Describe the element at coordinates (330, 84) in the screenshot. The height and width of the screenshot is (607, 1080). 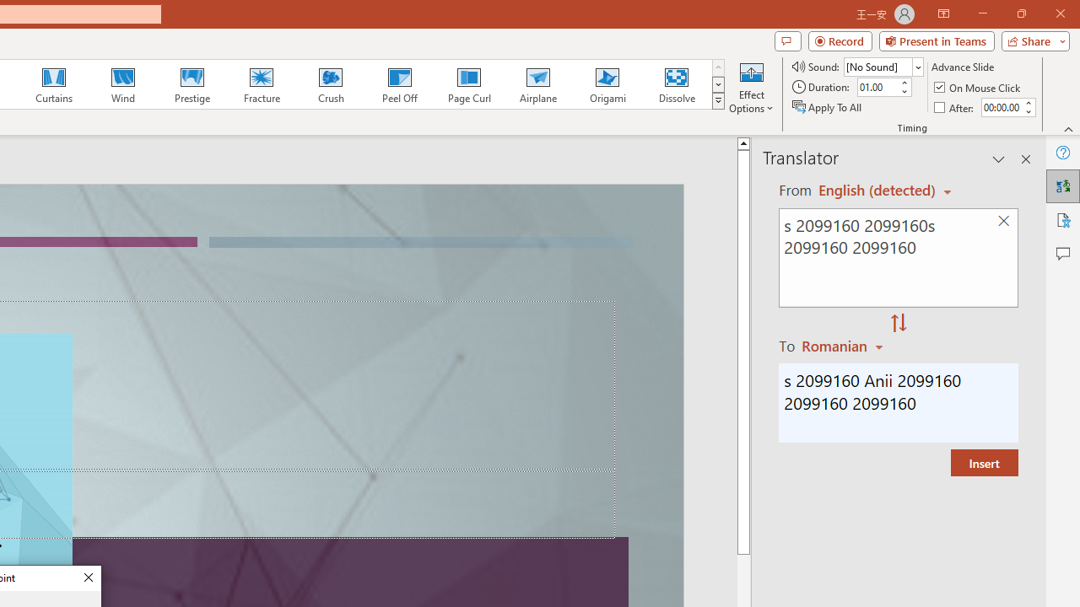
I see `'Crush'` at that location.